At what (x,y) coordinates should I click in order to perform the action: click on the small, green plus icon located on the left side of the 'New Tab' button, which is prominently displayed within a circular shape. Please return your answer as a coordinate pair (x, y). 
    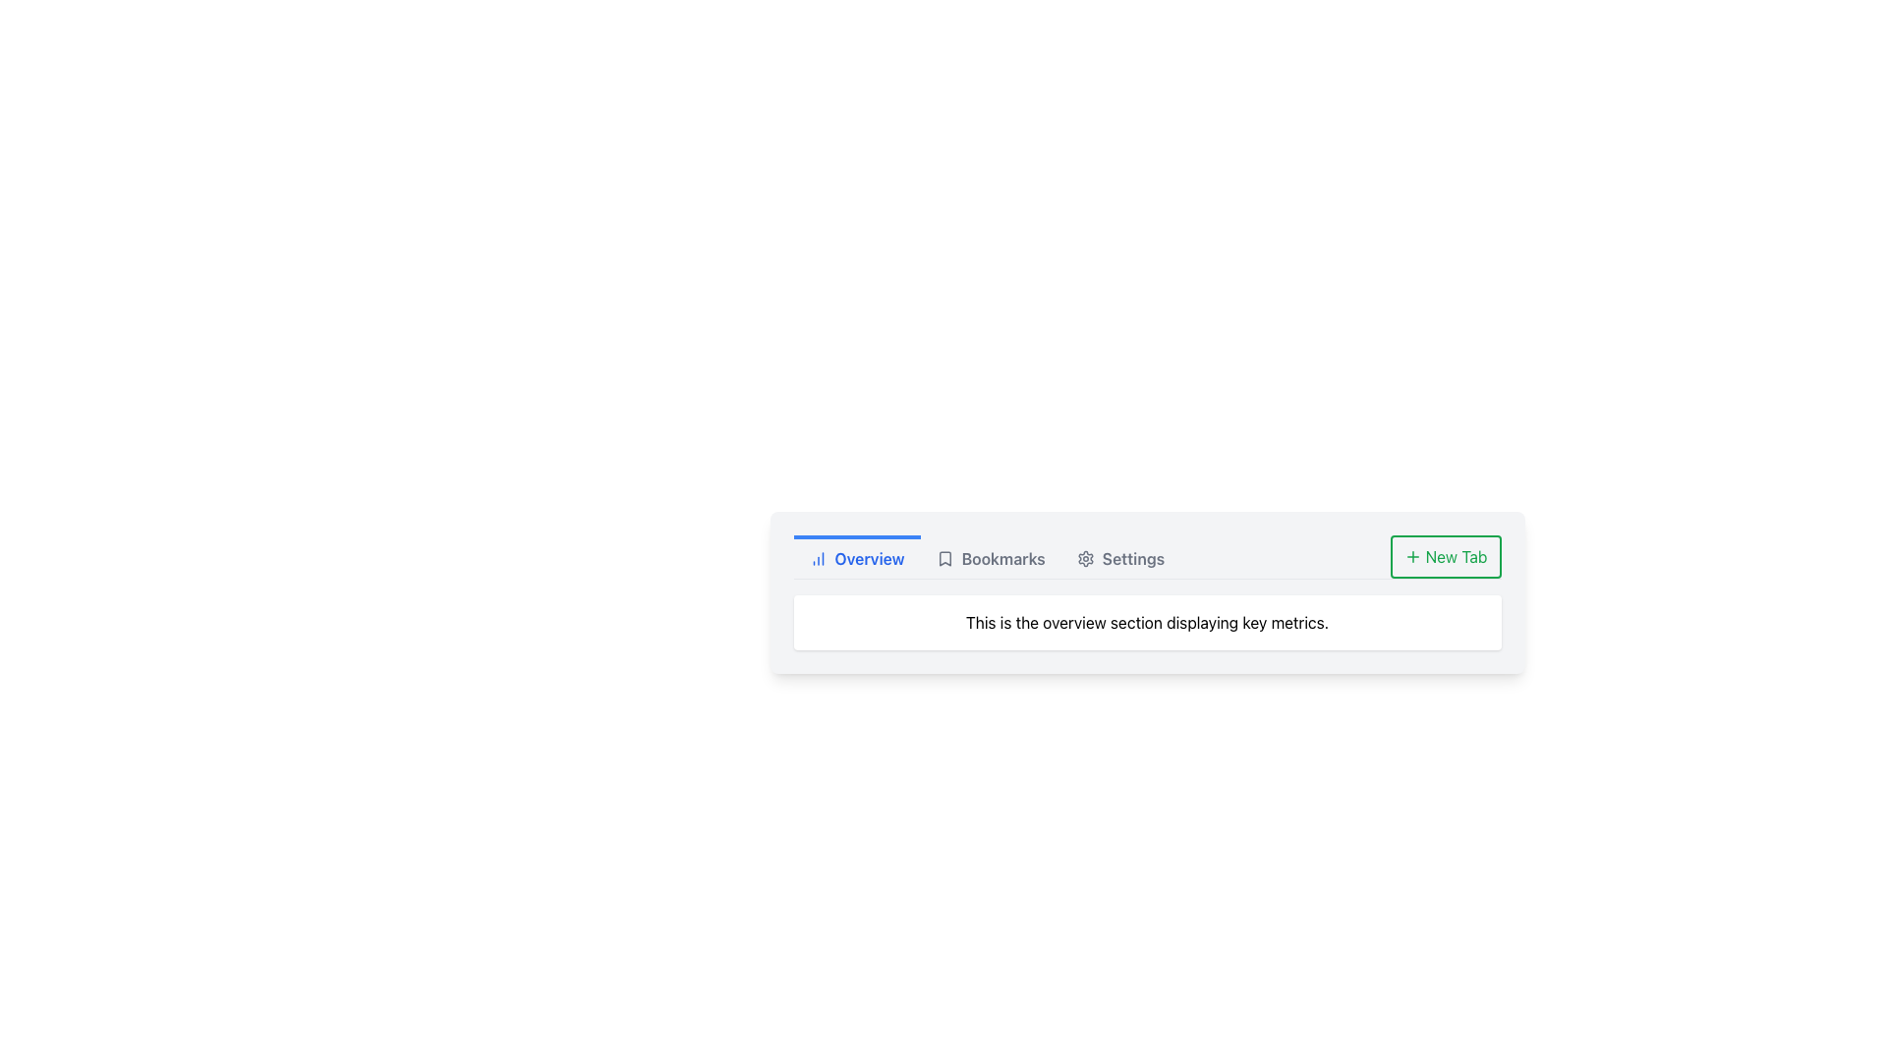
    Looking at the image, I should click on (1411, 557).